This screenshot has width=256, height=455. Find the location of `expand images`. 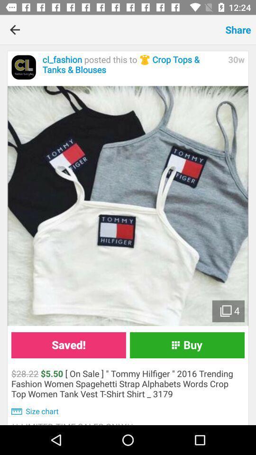

expand images is located at coordinates (128, 206).